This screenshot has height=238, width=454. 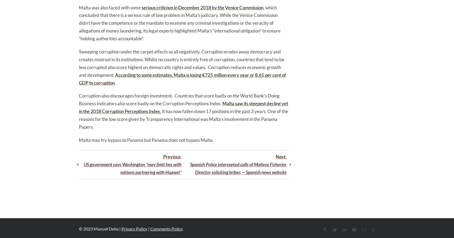 I want to click on '.', so click(x=115, y=82).